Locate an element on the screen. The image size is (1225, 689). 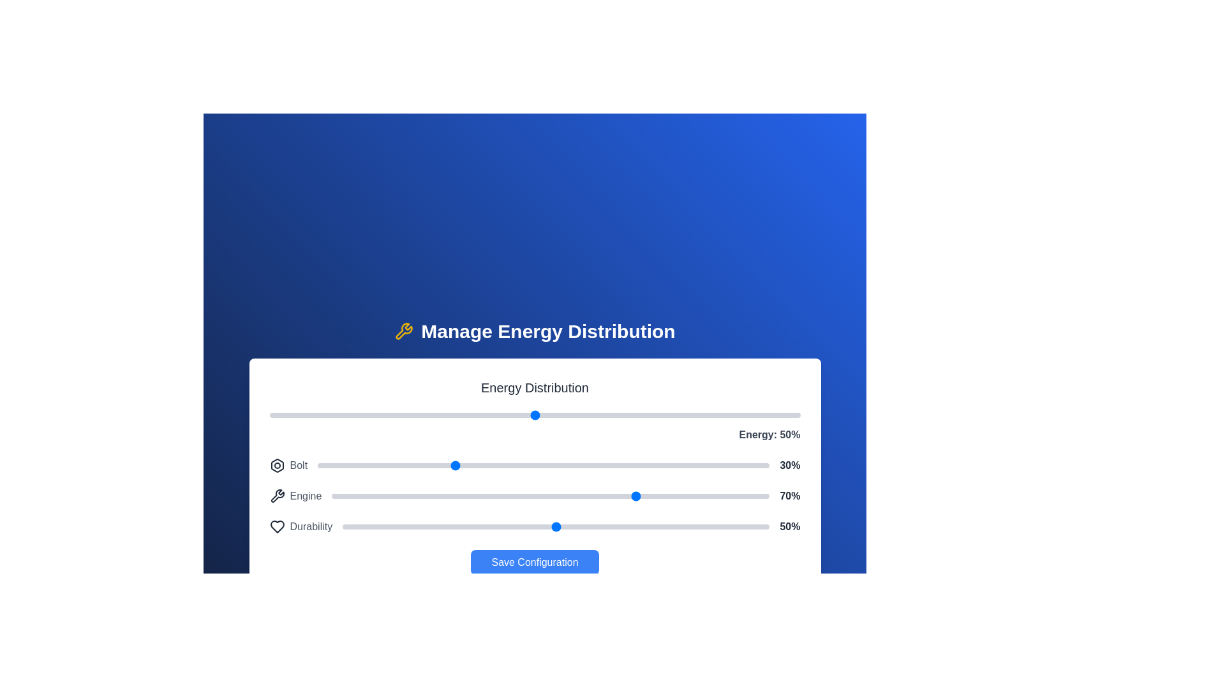
the main energy slider to 23% is located at coordinates (390, 415).